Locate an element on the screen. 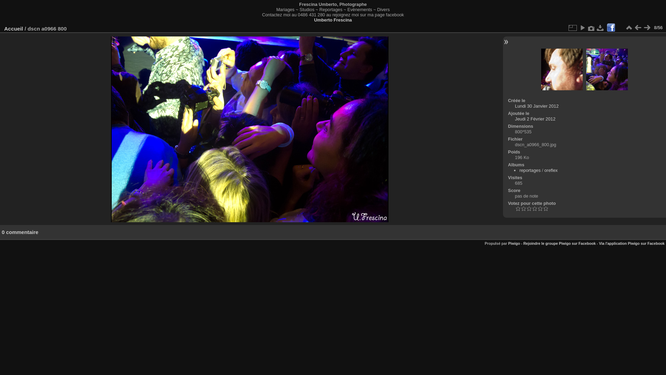 Image resolution: width=666 pixels, height=375 pixels. '4' is located at coordinates (537, 208).